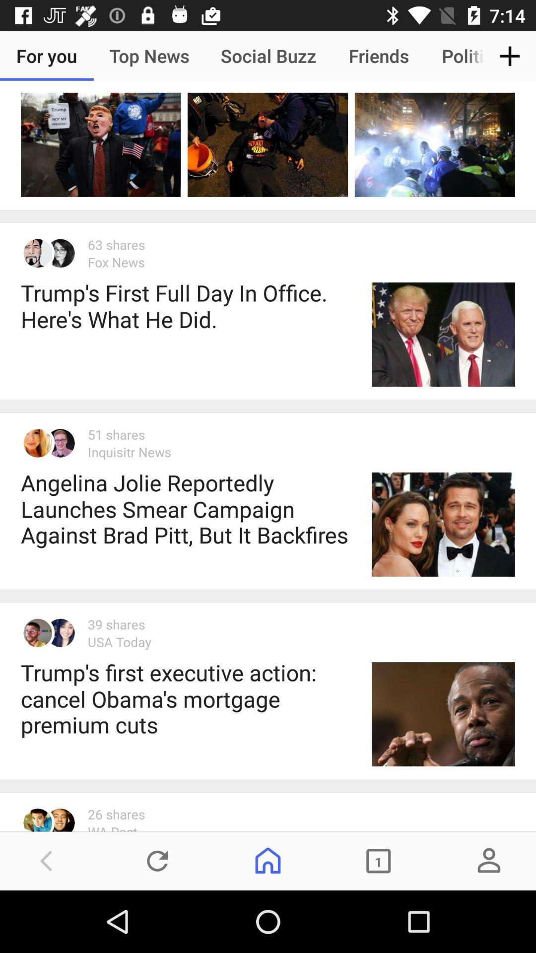 The image size is (536, 953). Describe the element at coordinates (488, 860) in the screenshot. I see `the avatar icon` at that location.